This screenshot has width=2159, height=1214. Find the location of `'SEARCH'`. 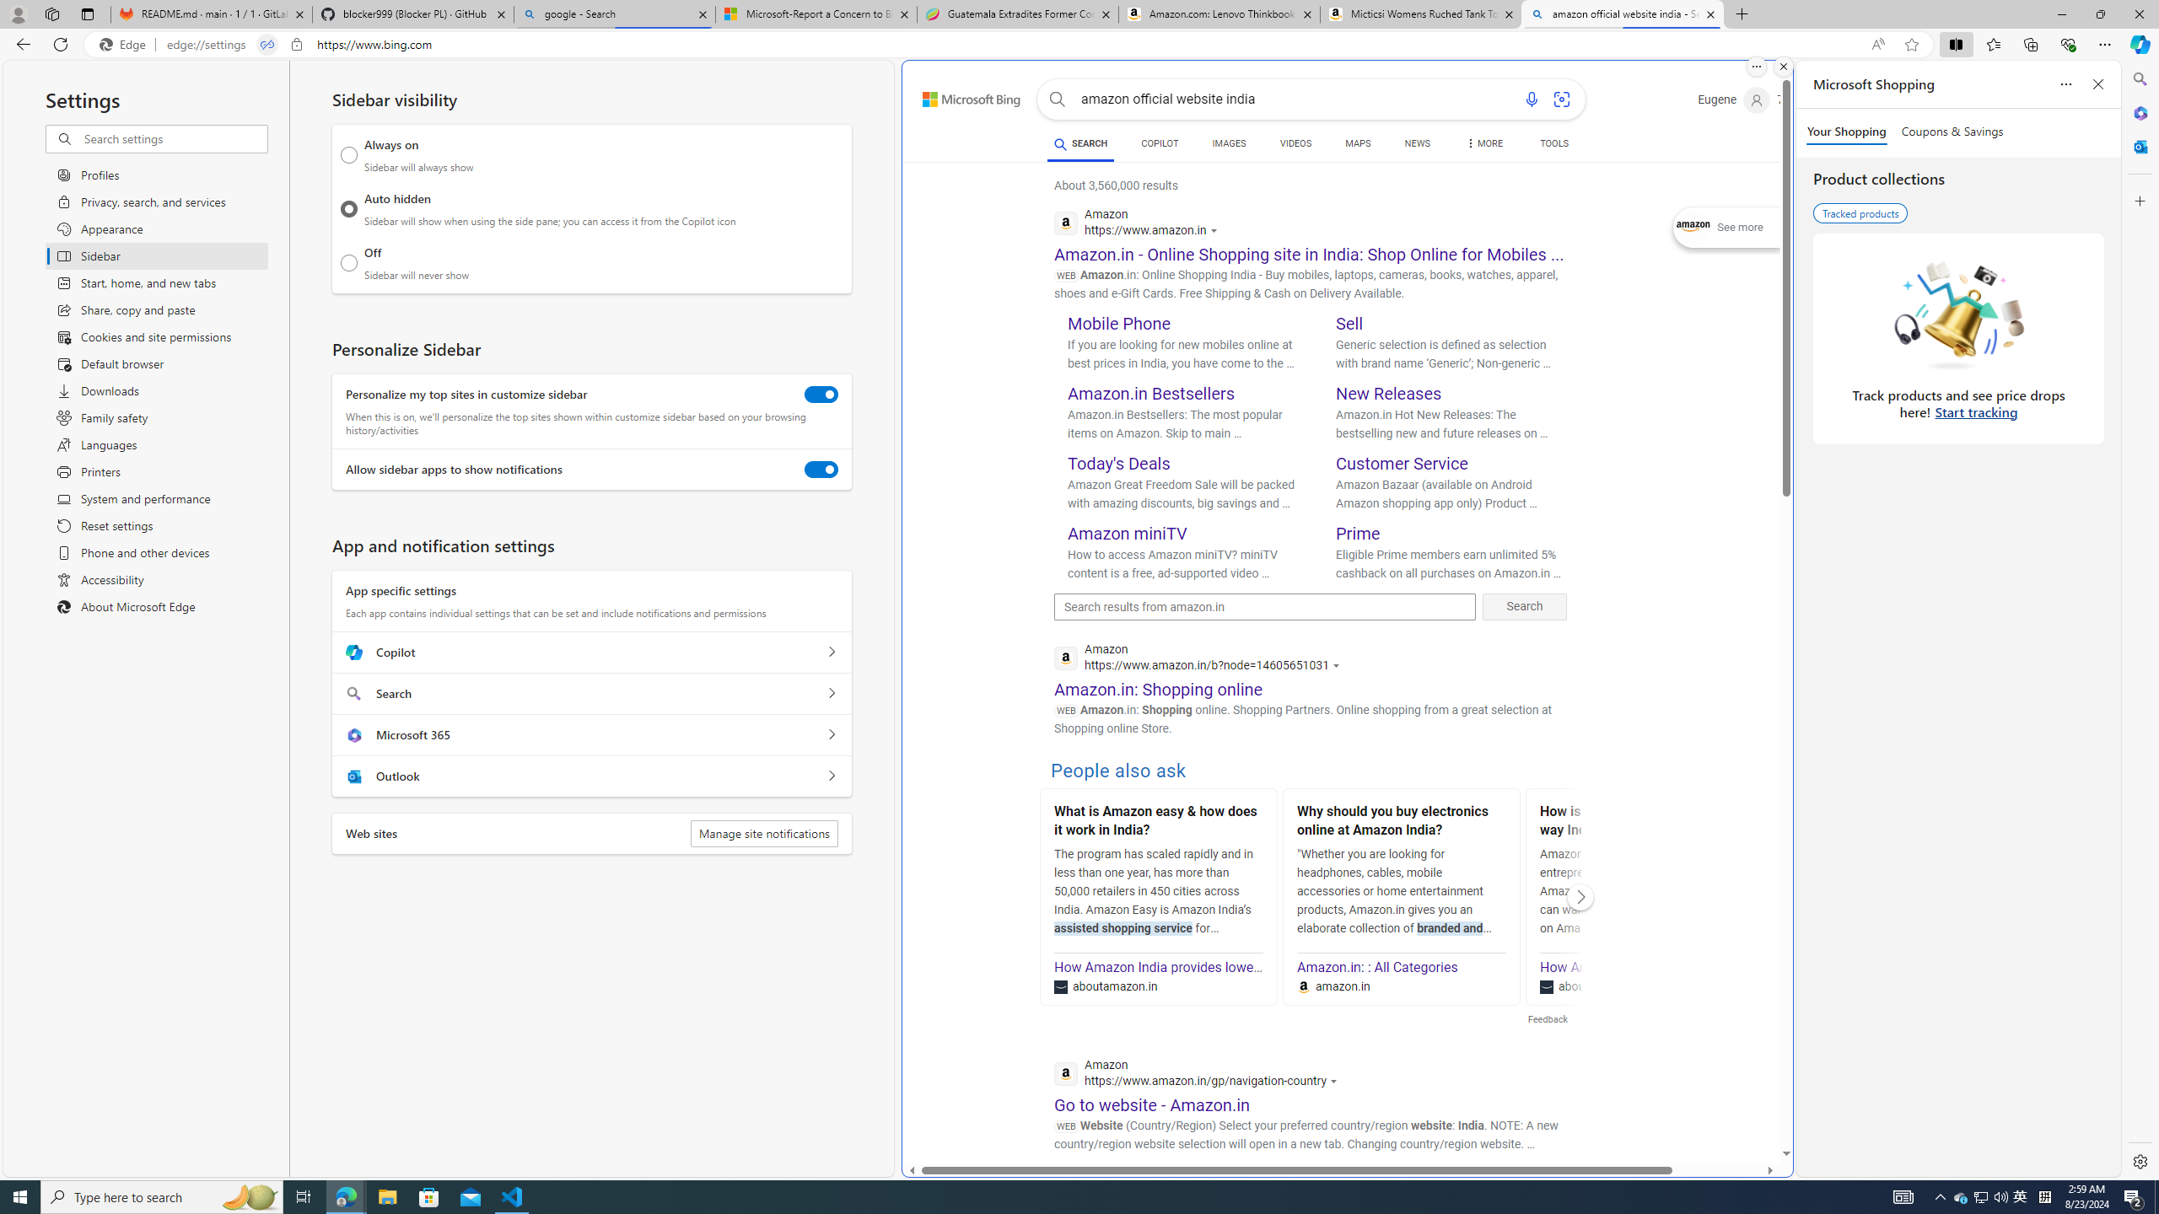

'SEARCH' is located at coordinates (1079, 142).